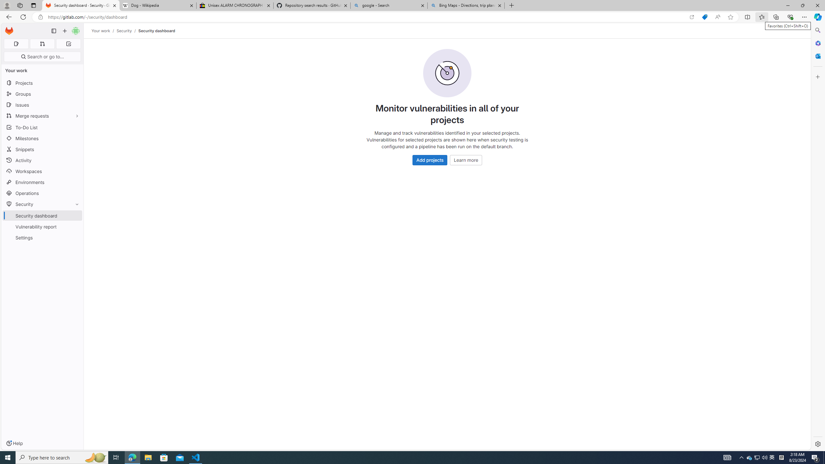 The width and height of the screenshot is (825, 464). Describe the element at coordinates (42, 221) in the screenshot. I see `'SecuritySecurity dashboardVulnerability reportSettings'` at that location.